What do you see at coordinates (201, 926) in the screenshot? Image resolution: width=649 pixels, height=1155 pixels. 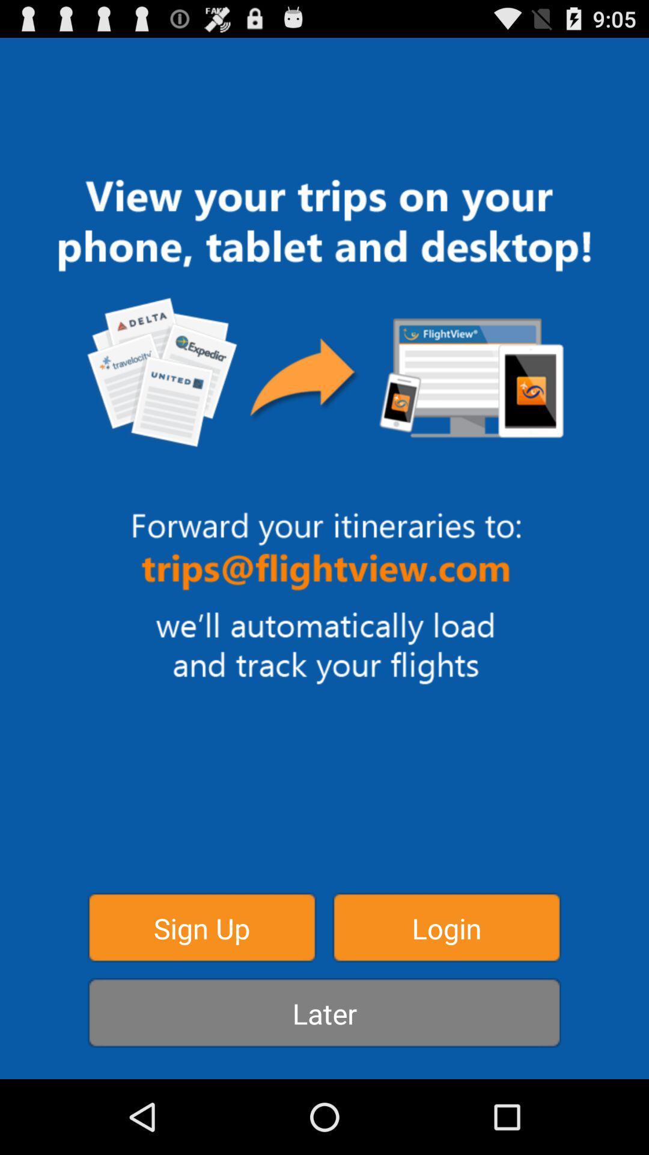 I see `item above the later item` at bounding box center [201, 926].